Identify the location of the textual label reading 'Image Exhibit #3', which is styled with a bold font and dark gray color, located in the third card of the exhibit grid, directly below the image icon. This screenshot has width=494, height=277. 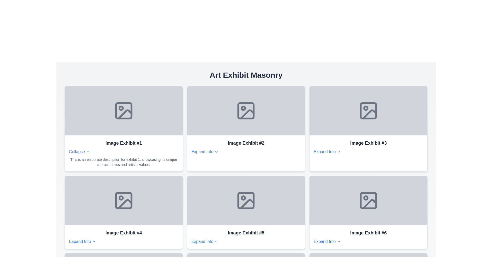
(368, 143).